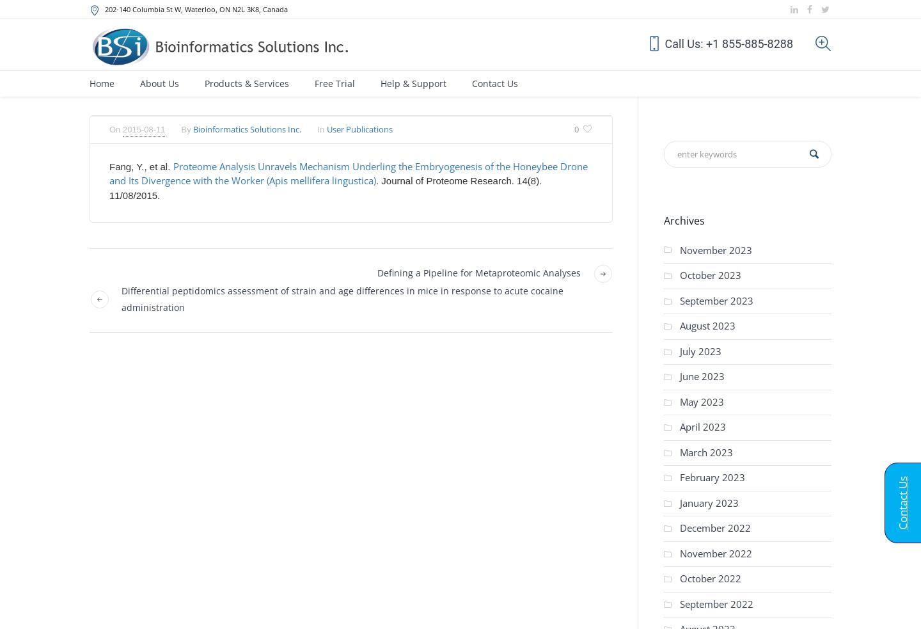 The height and width of the screenshot is (629, 921). Describe the element at coordinates (716, 299) in the screenshot. I see `'September 2023'` at that location.